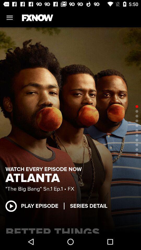 This screenshot has width=141, height=250. What do you see at coordinates (88, 206) in the screenshot?
I see `the item below the big bang` at bounding box center [88, 206].